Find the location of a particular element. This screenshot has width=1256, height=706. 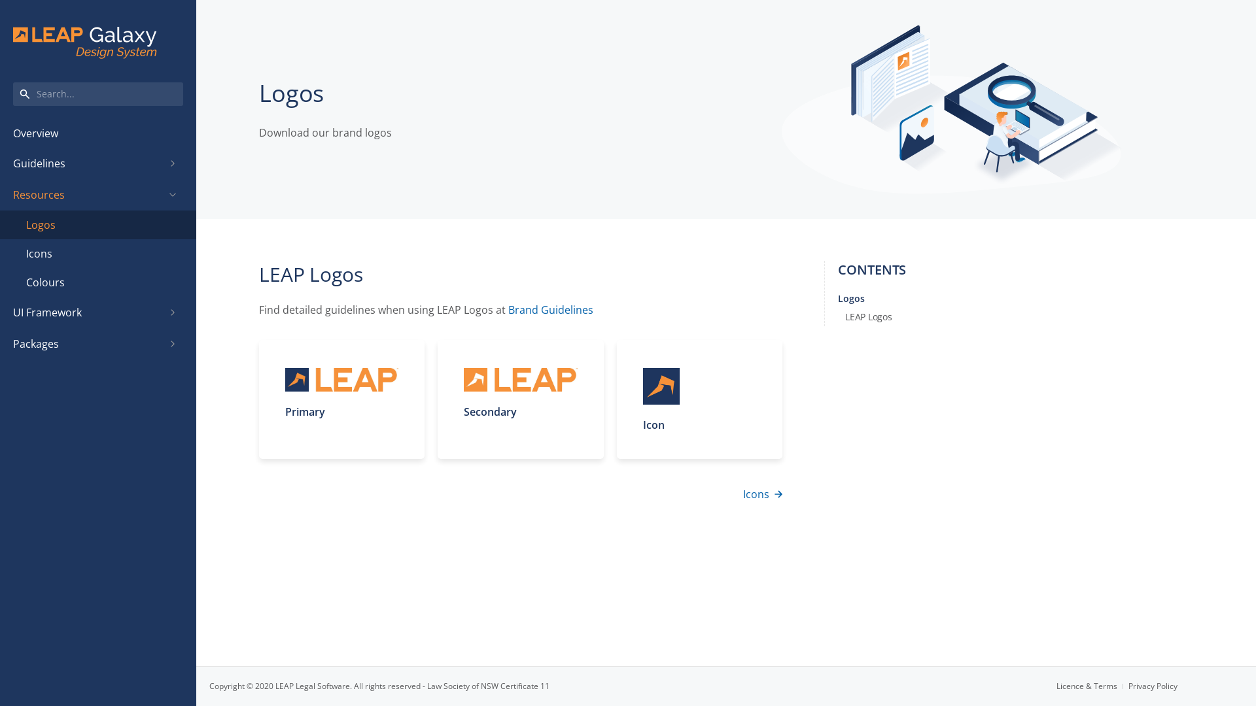

'Overview' is located at coordinates (97, 133).